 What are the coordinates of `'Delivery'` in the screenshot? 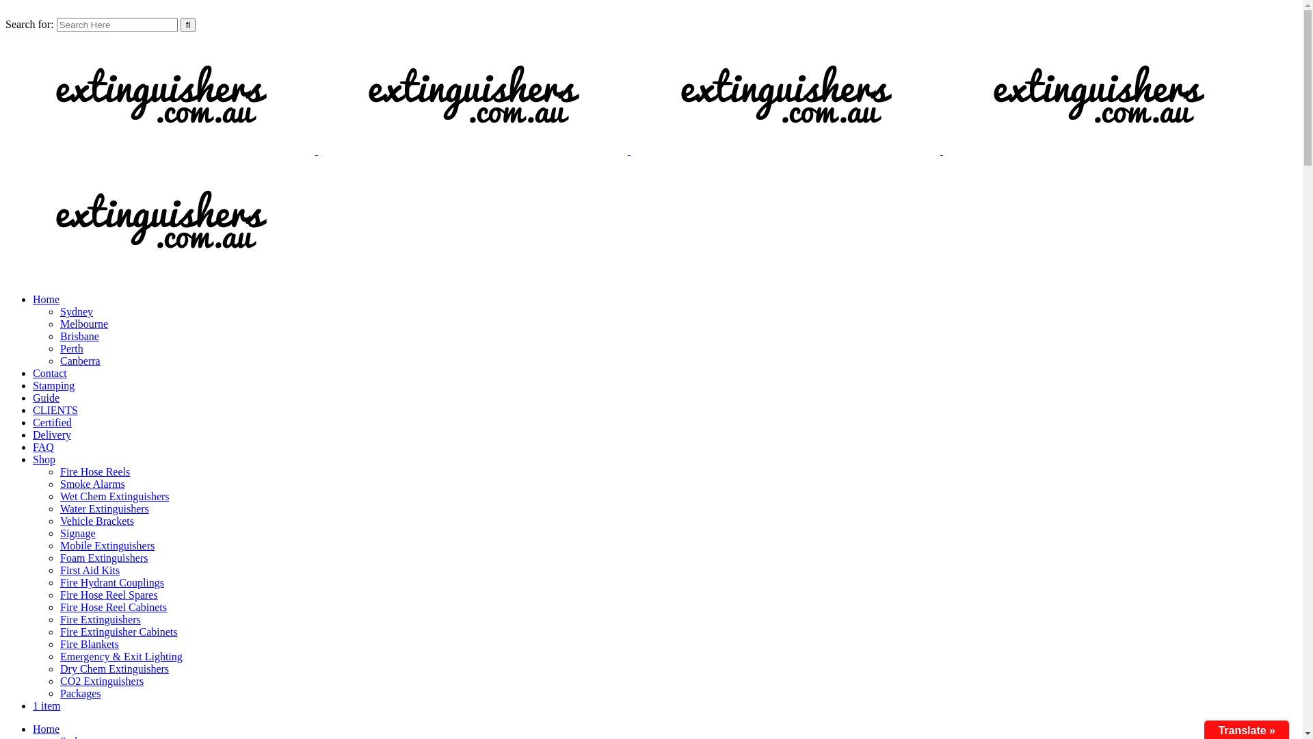 It's located at (52, 435).